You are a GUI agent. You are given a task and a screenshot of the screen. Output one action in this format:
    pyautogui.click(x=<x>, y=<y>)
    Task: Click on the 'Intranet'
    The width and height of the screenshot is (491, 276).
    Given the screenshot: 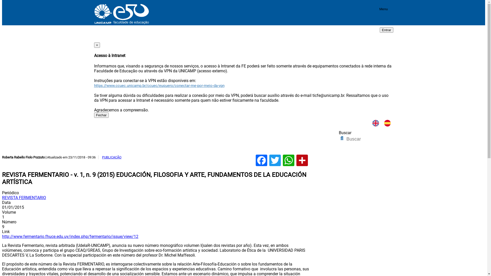 What is the action you would take?
    pyautogui.click(x=94, y=38)
    